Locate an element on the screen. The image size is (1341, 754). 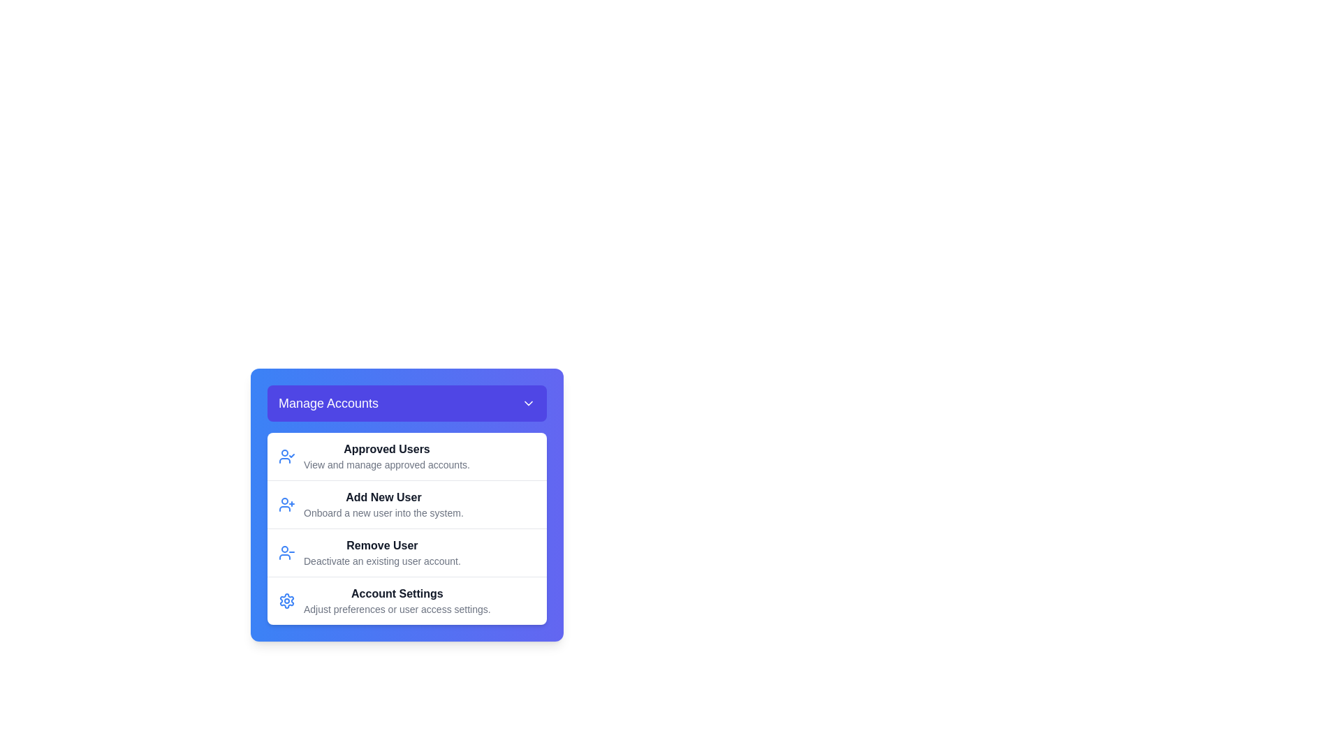
the 'Approved Users' menu option, which is the first item in the list under 'Manage Accounts', indicated by a blue user icon with a checkmark to its left is located at coordinates (386, 457).